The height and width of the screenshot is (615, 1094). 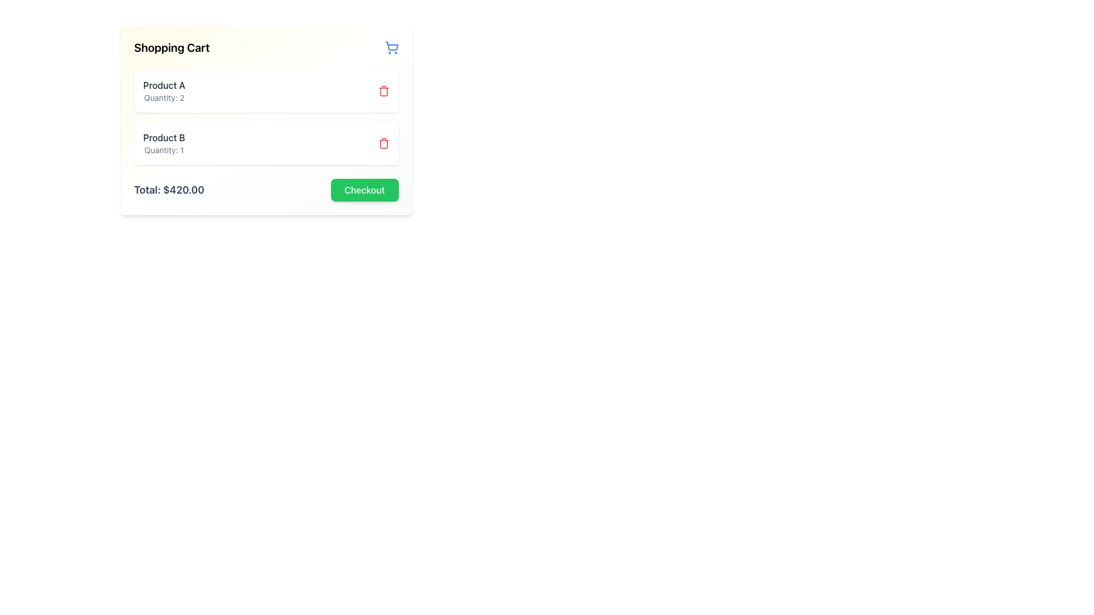 What do you see at coordinates (383, 142) in the screenshot?
I see `the red-colored trash can icon for 'Product B' to possibly reveal additional information` at bounding box center [383, 142].